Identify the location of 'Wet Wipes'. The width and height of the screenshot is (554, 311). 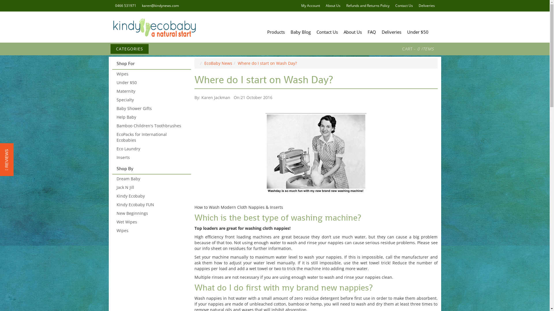
(112, 222).